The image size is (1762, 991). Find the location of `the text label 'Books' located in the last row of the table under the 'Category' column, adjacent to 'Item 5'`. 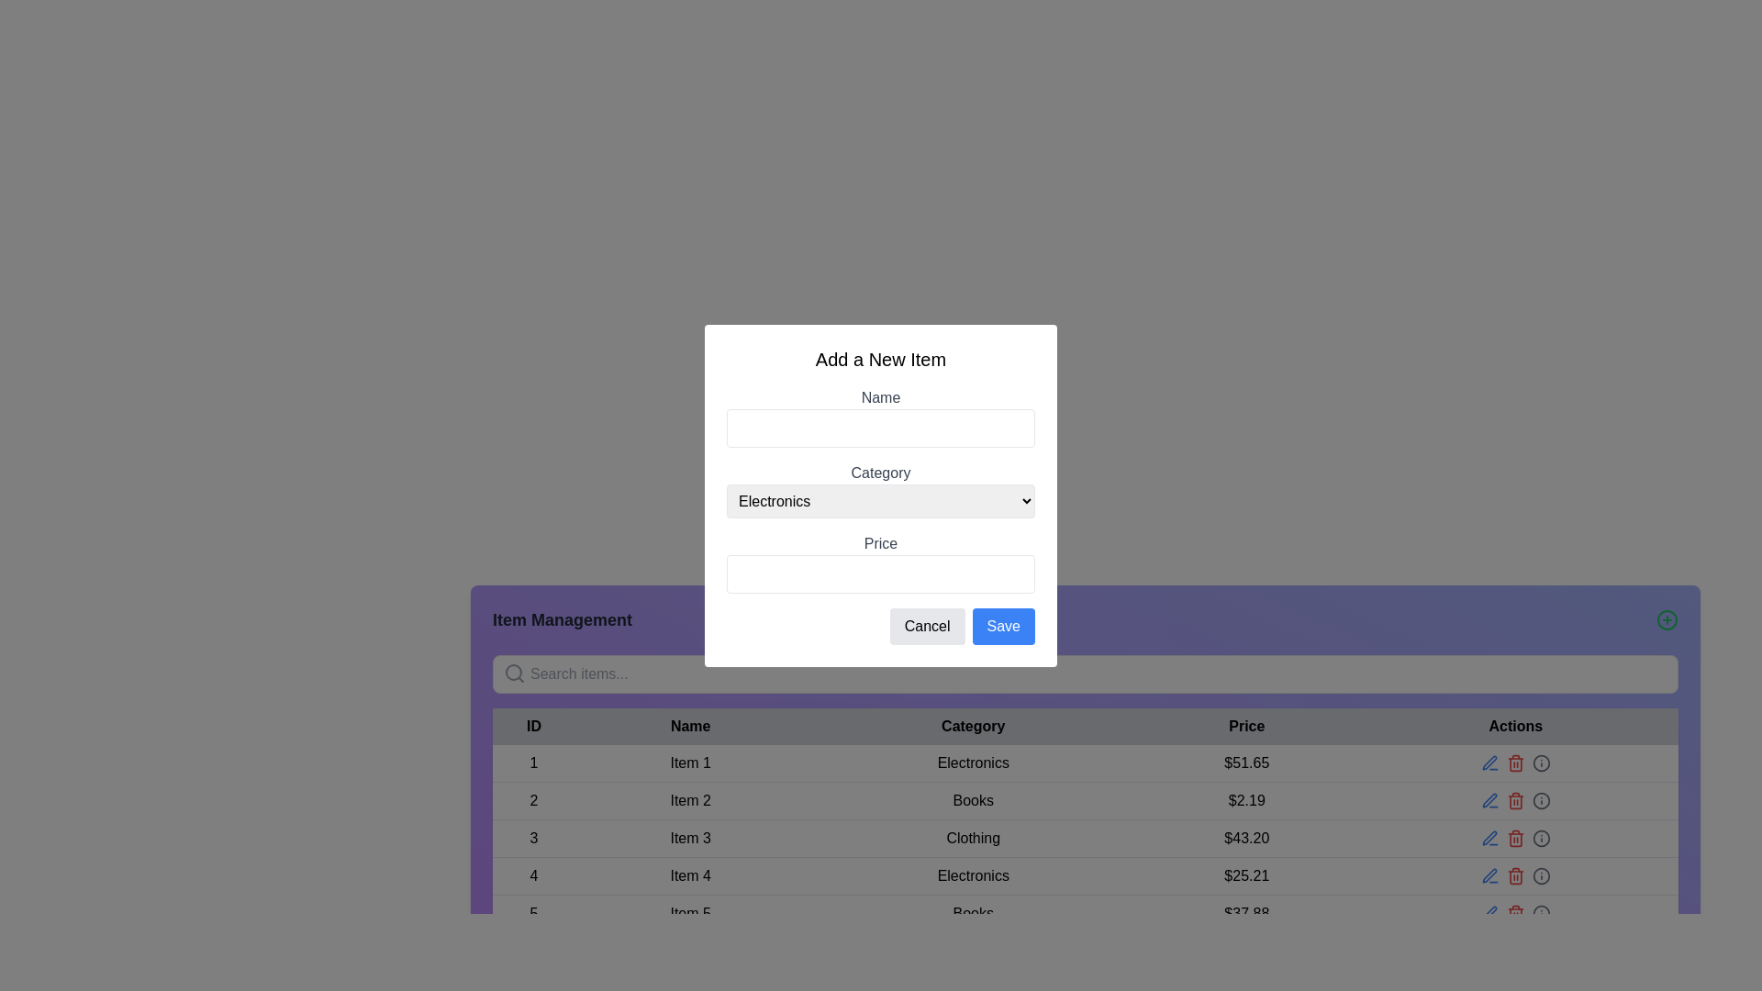

the text label 'Books' located in the last row of the table under the 'Category' column, adjacent to 'Item 5' is located at coordinates (972, 913).